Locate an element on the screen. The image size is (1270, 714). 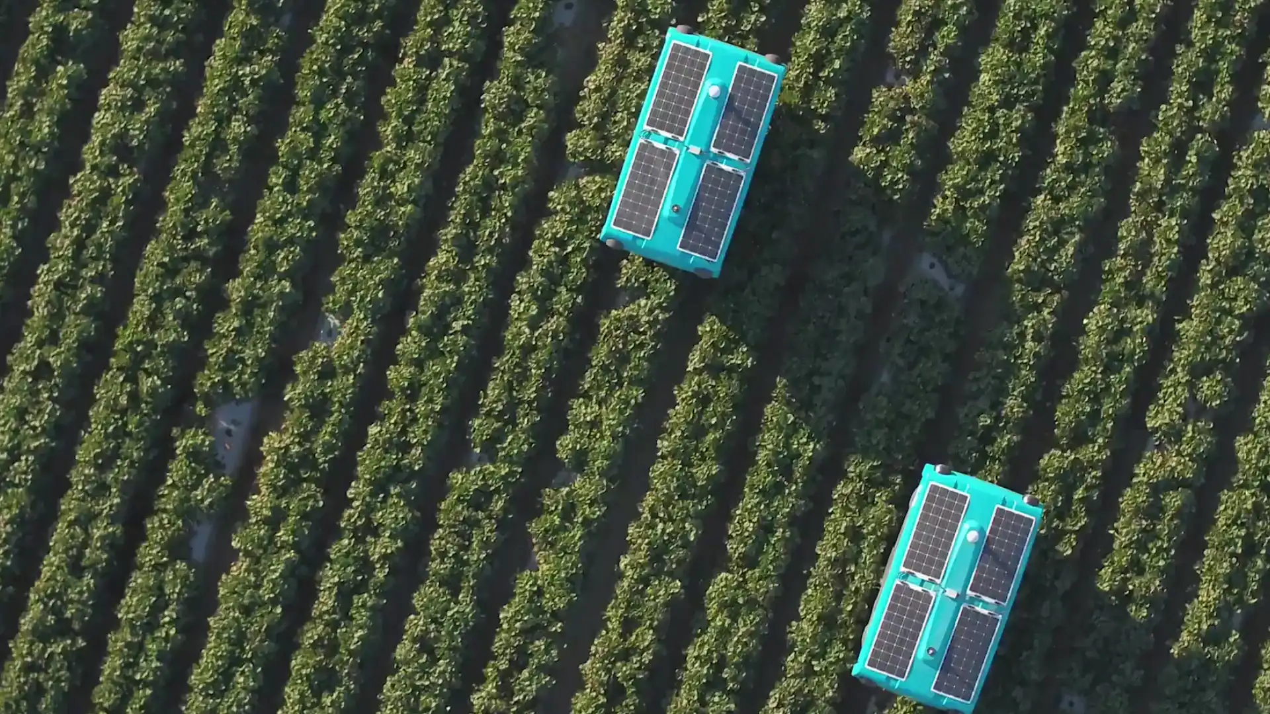
A Makani plane takes off from an offshore buoy at sea and generates power from the wind Makani graduates After the latest Makani model generates 600 kilowatts of electricity  enough energy to power about 300 homes  Makani becomes an independent company within Alphabet and partners with Shell to continue working towards clean, affordable wind power. is located at coordinates (670, 93).